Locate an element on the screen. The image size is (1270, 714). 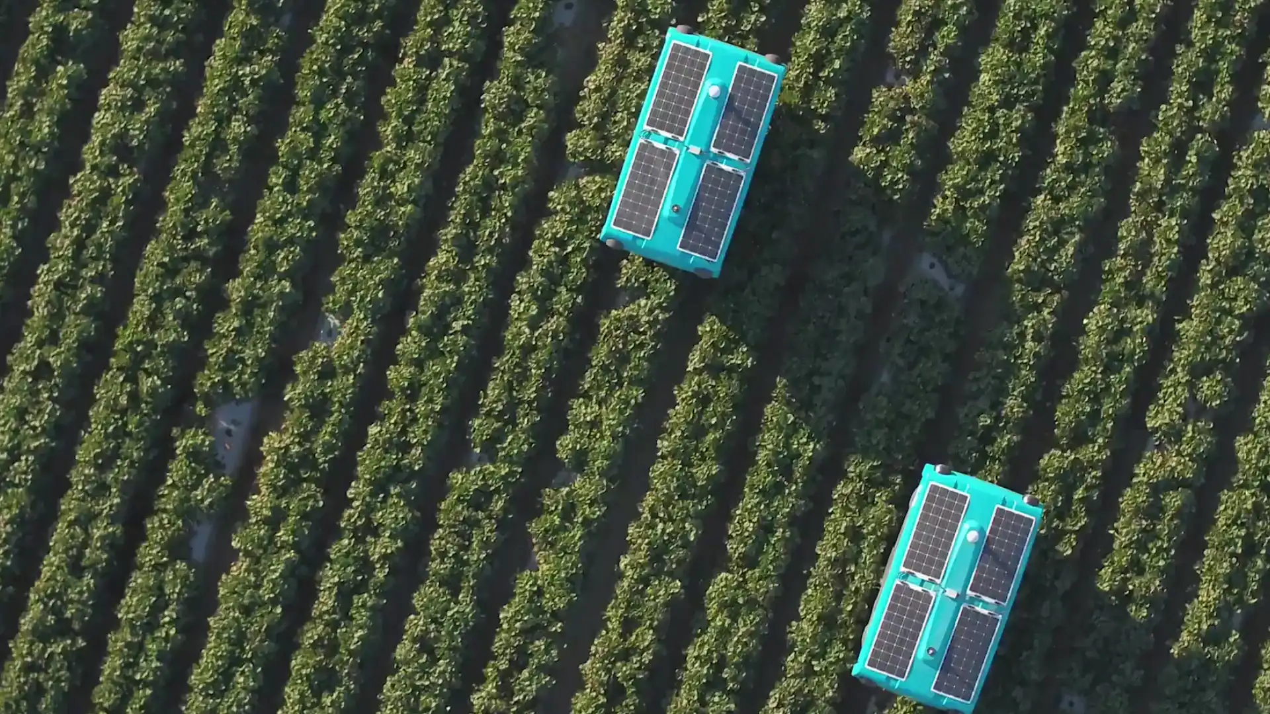
A Makani plane takes off from an offshore buoy at sea and generates power from the wind Makani graduates After the latest Makani model generates 600 kilowatts of electricity  enough energy to power about 300 homes  Makani becomes an independent company within Alphabet and partners with Shell to continue working towards clean, affordable wind power. is located at coordinates (670, 93).